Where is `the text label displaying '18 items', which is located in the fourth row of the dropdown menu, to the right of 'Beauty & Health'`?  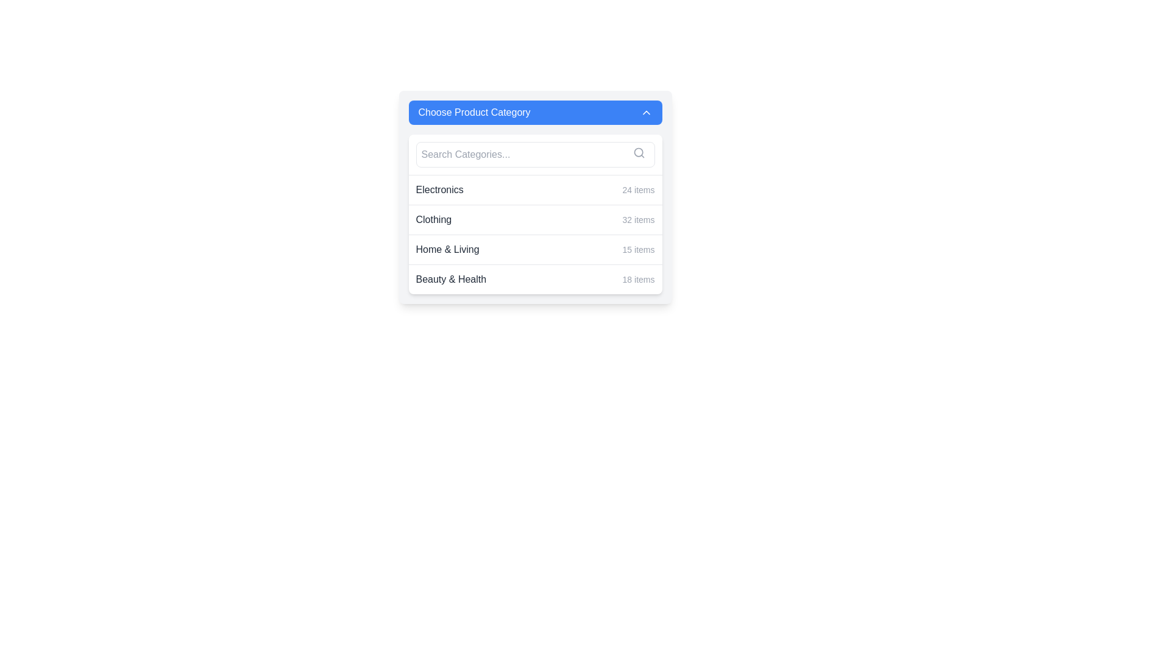 the text label displaying '18 items', which is located in the fourth row of the dropdown menu, to the right of 'Beauty & Health' is located at coordinates (638, 280).